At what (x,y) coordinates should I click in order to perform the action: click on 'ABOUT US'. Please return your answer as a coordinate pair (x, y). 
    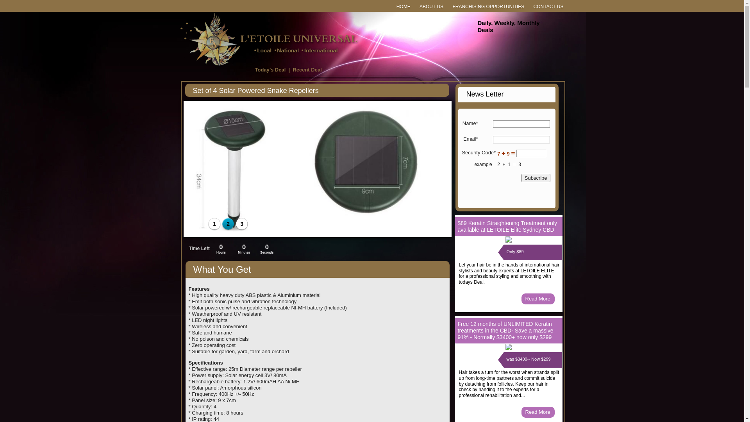
    Looking at the image, I should click on (431, 7).